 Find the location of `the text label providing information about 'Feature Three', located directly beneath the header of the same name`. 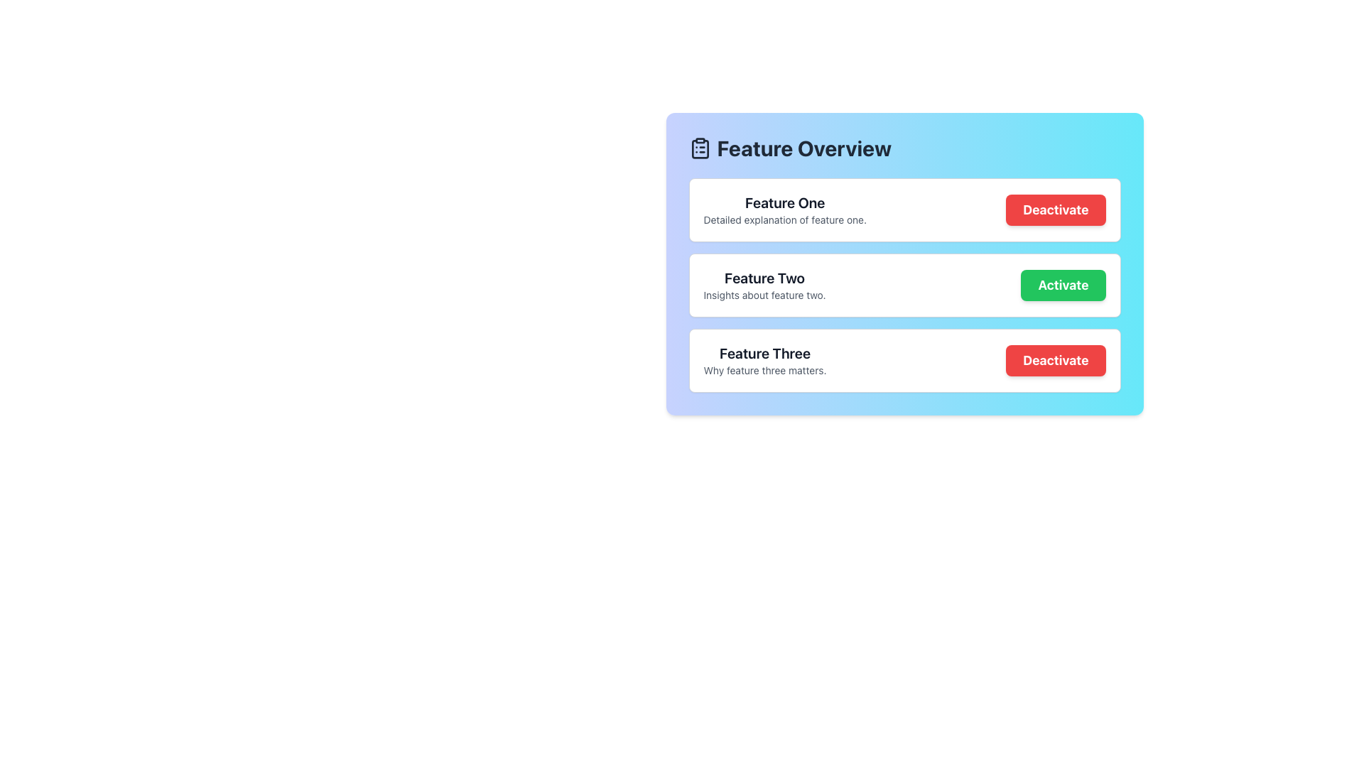

the text label providing information about 'Feature Three', located directly beneath the header of the same name is located at coordinates (764, 369).